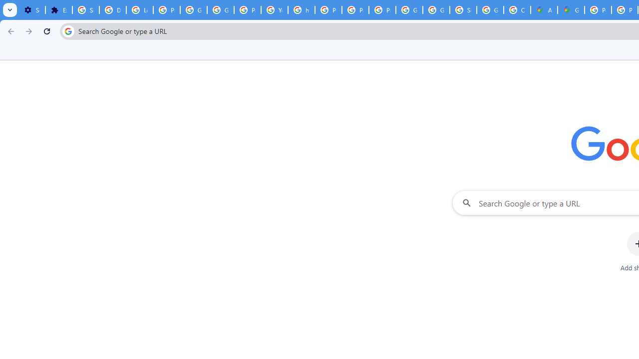 This screenshot has height=359, width=639. I want to click on 'Google Account Help', so click(193, 10).